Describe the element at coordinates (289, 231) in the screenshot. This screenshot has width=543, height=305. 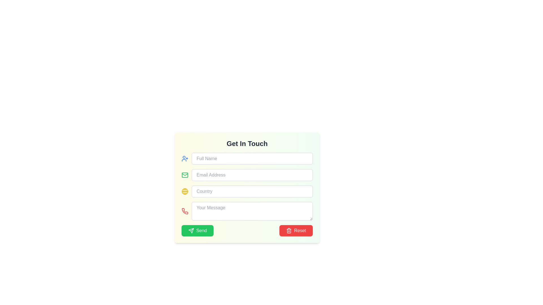
I see `the 'Reset' button icon, which visually represents the 'Reset' action for clearing all input fields in the contact form, located to the right of the 'Send' button` at that location.